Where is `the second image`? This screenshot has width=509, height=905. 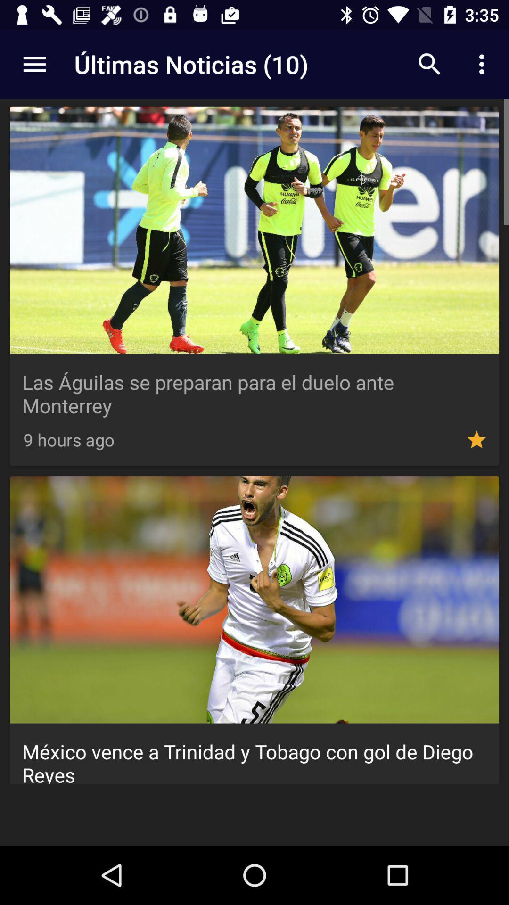 the second image is located at coordinates (254, 599).